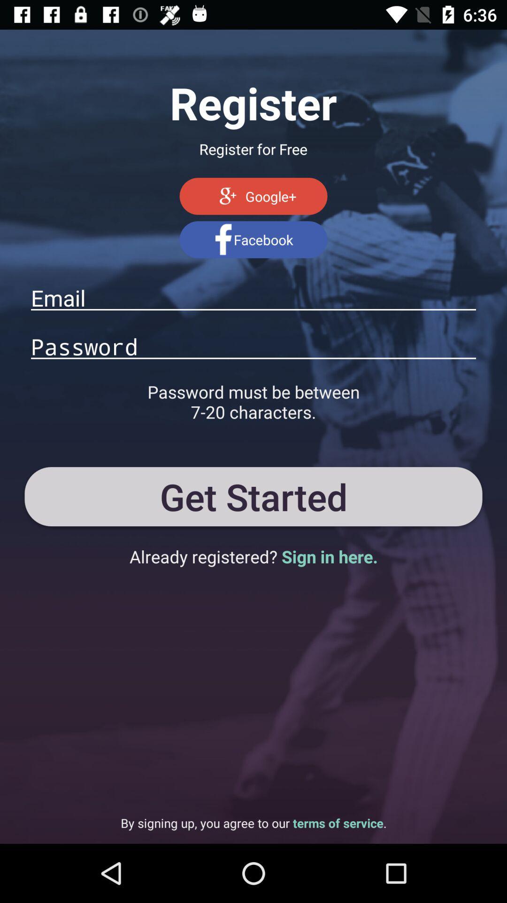 This screenshot has width=507, height=903. Describe the element at coordinates (253, 346) in the screenshot. I see `input password` at that location.